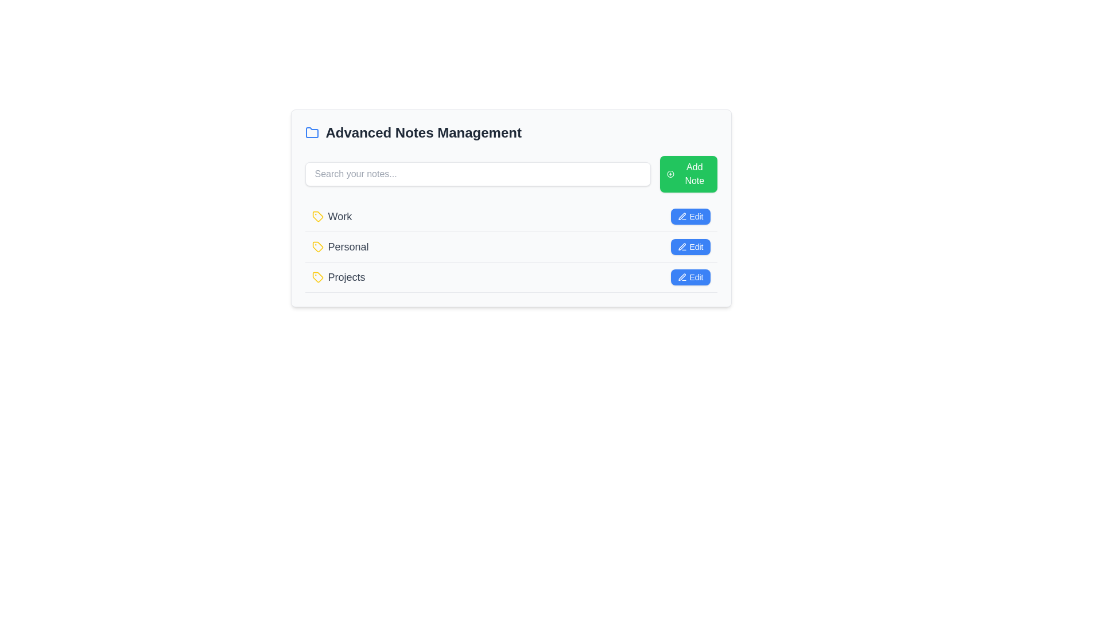  I want to click on small SVG icon representing a 'pen and line' design, which is part of the 'Edit' button located on the right side of the 'Projects' row, so click(682, 277).